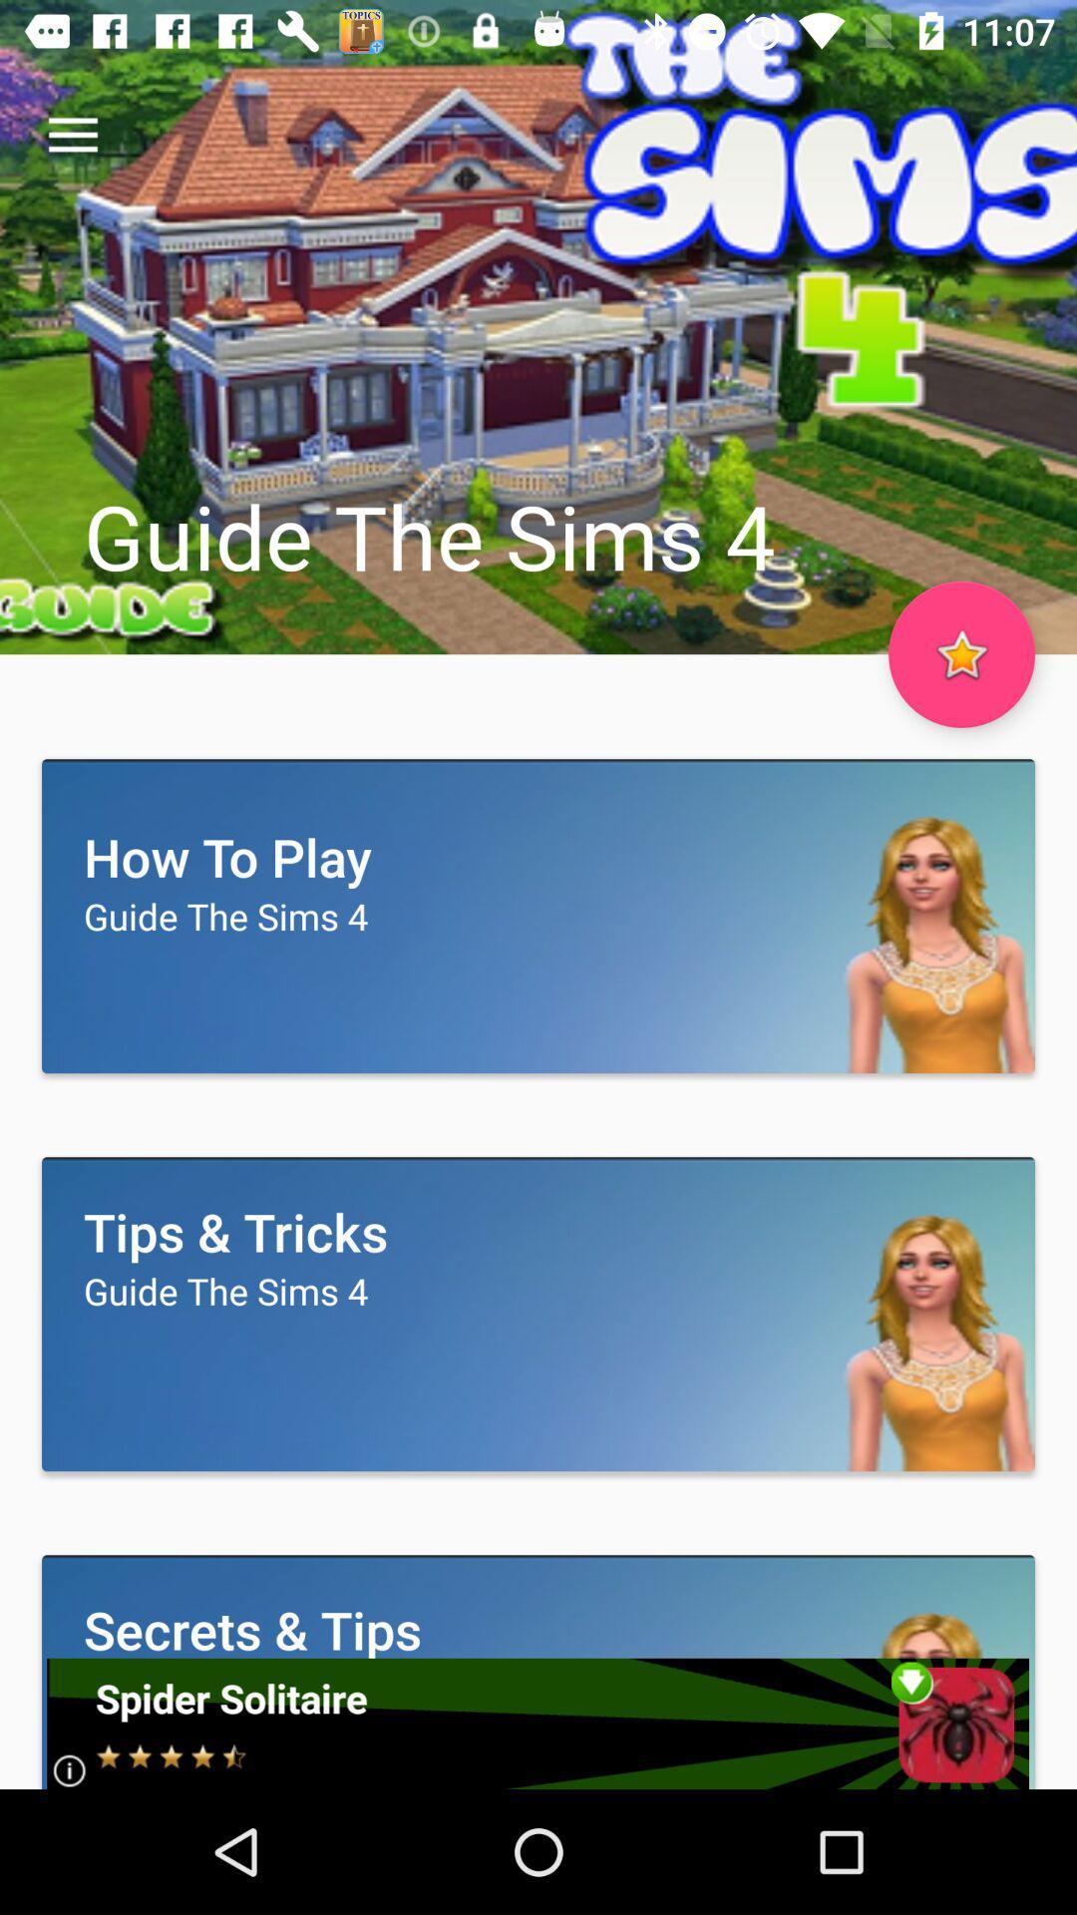 This screenshot has height=1915, width=1077. What do you see at coordinates (960, 654) in the screenshot?
I see `the star icon` at bounding box center [960, 654].